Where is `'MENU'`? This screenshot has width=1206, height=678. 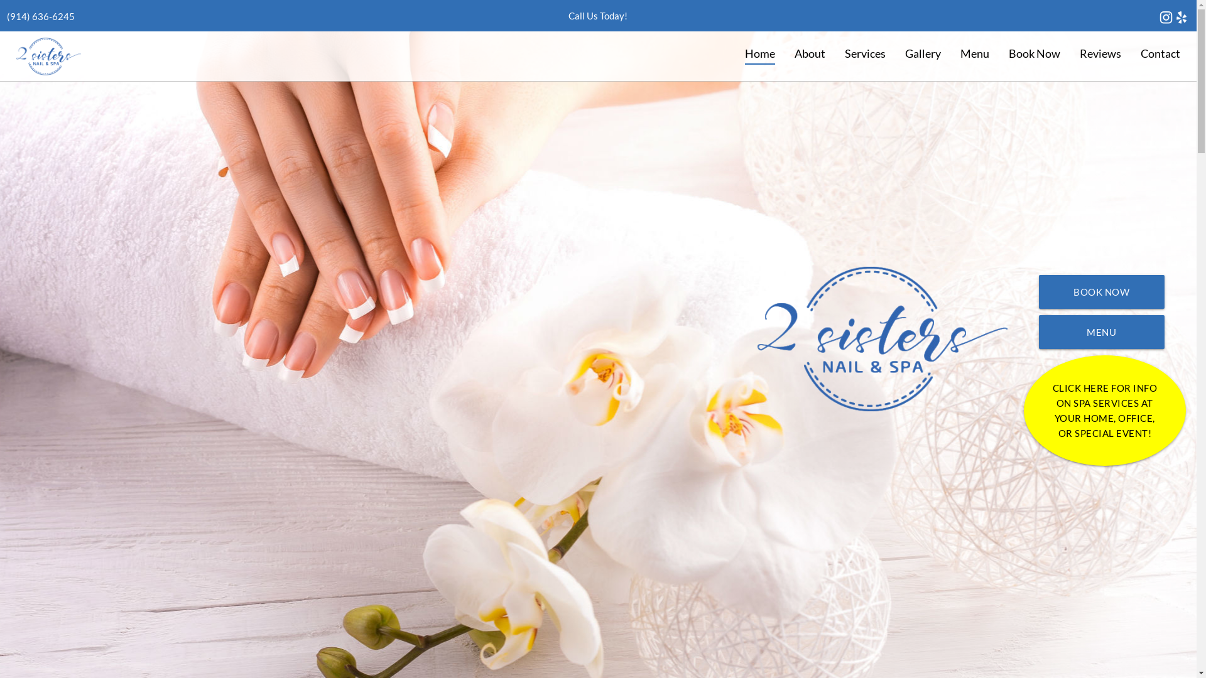 'MENU' is located at coordinates (1100, 331).